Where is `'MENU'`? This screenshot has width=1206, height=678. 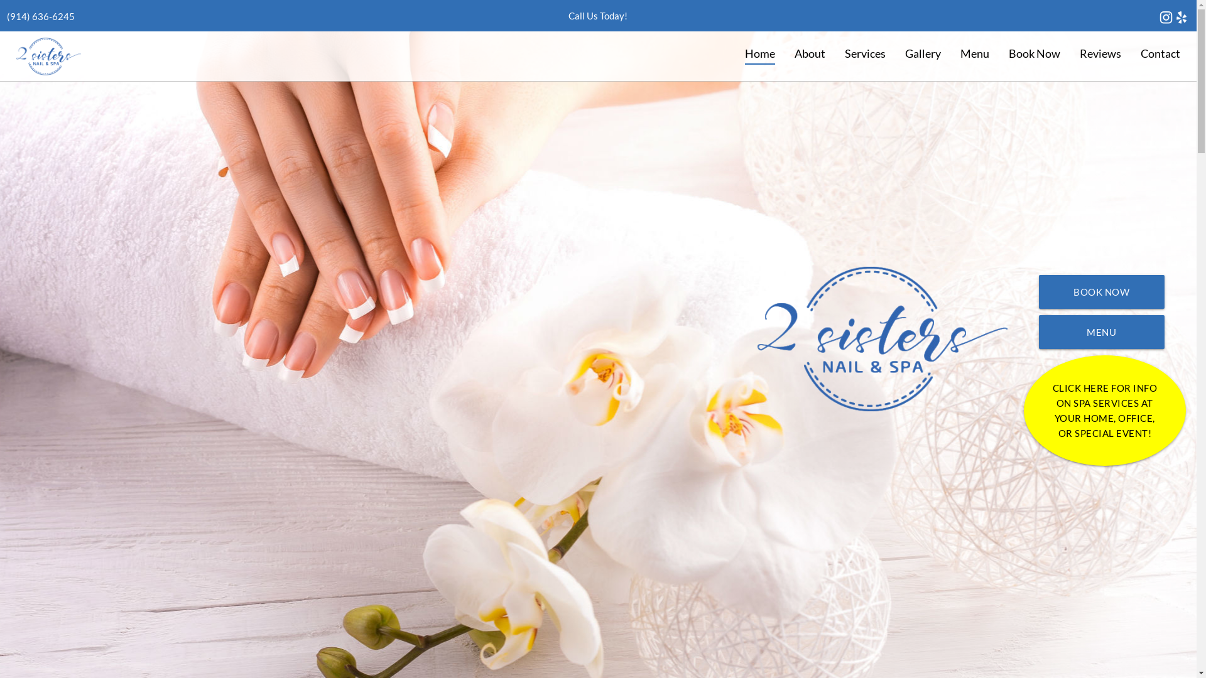 'MENU' is located at coordinates (1100, 331).